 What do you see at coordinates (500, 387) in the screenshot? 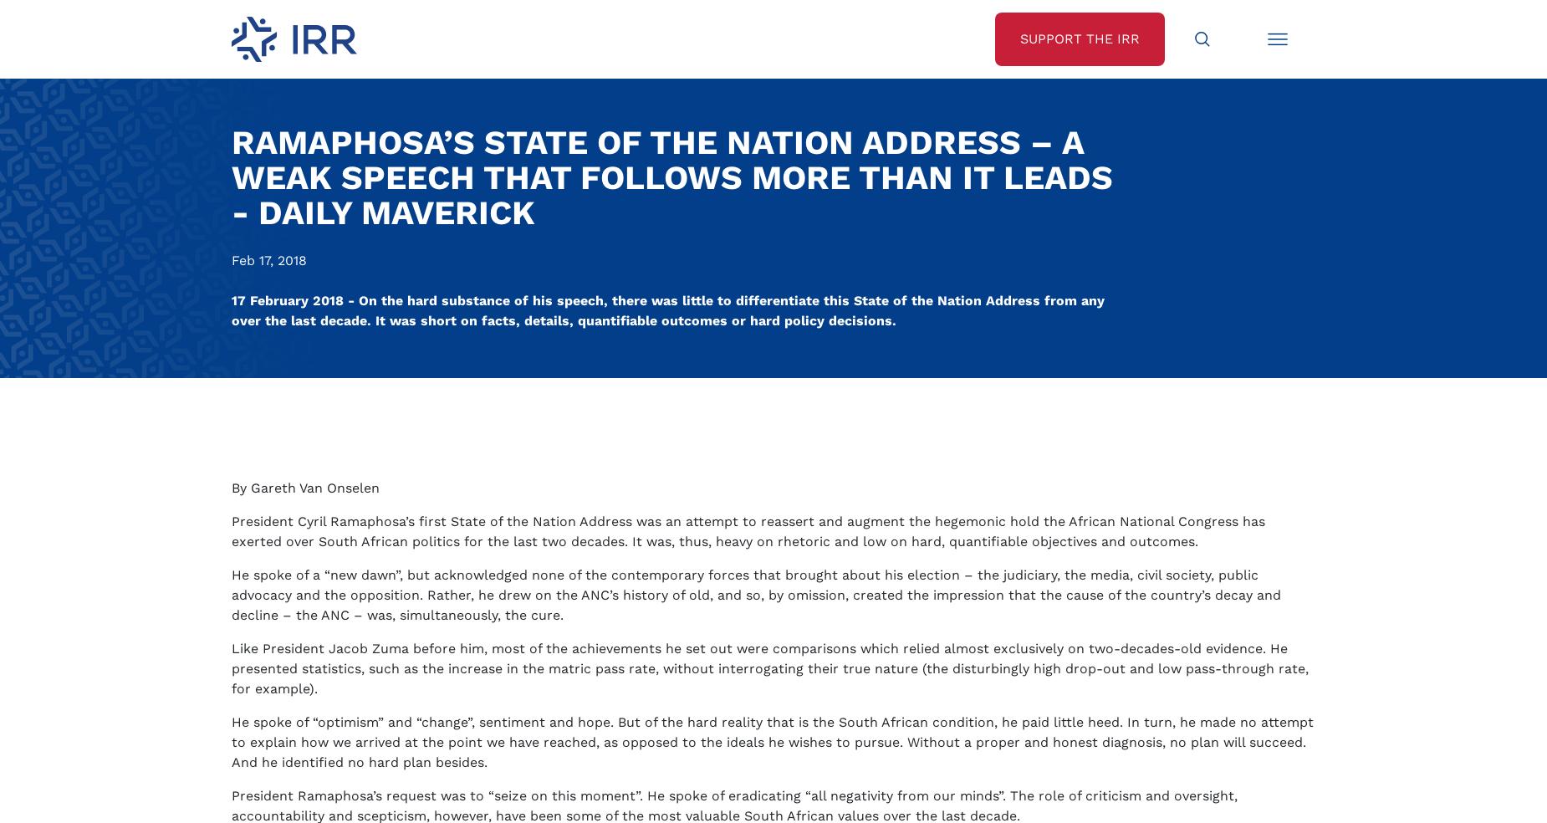
I see `'A Commission of Inquiry into Tax Administration and Governance of SARS.'` at bounding box center [500, 387].